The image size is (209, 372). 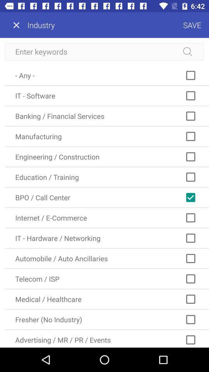 I want to click on the icon next to the industry item, so click(x=131, y=25).